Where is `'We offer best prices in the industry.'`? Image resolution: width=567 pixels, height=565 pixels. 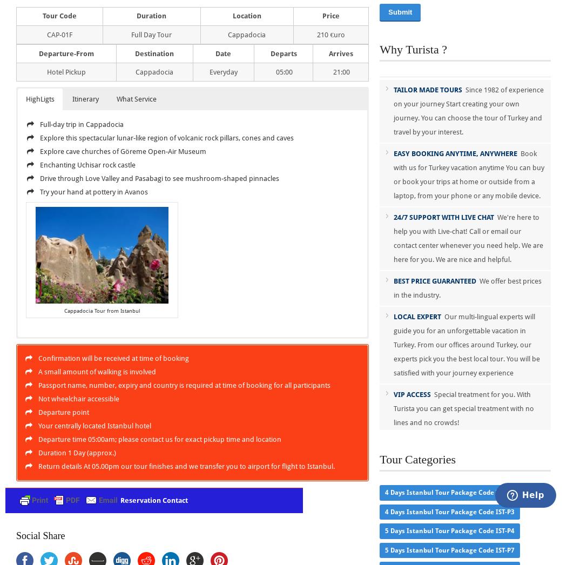
'We offer best prices in the industry.' is located at coordinates (393, 287).